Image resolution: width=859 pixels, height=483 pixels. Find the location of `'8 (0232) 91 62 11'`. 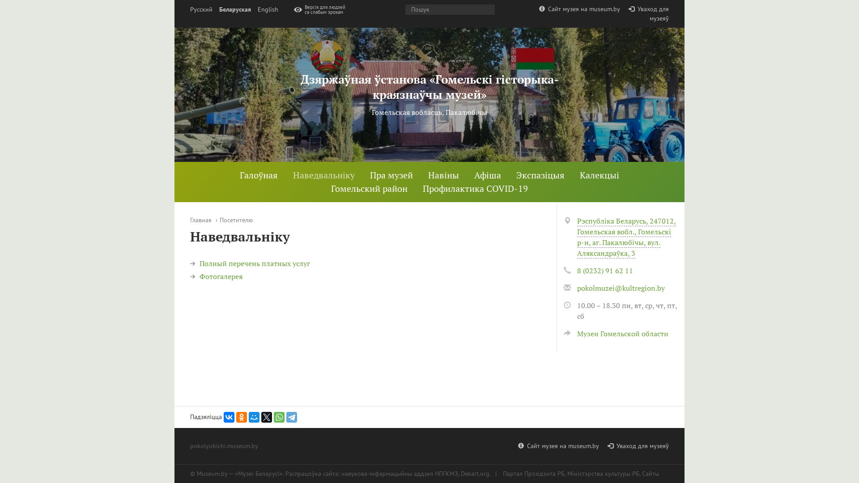

'8 (0232) 91 62 11' is located at coordinates (605, 270).